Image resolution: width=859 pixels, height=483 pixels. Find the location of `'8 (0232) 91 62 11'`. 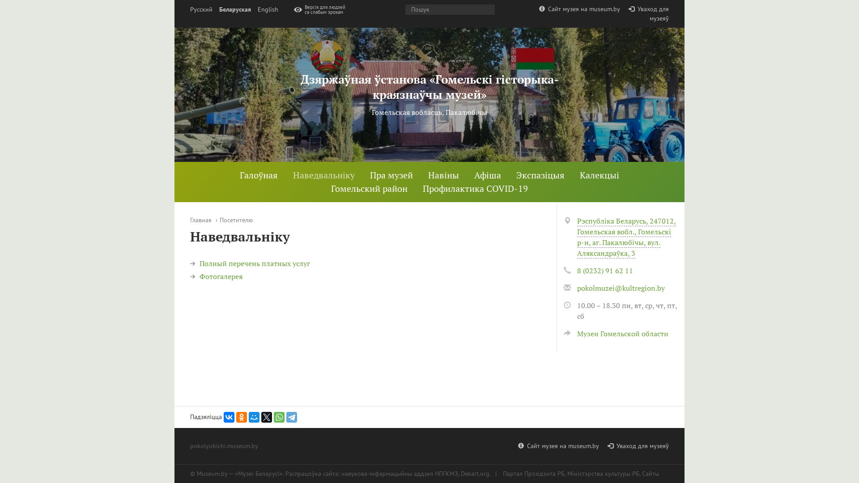

'8 (0232) 91 62 11' is located at coordinates (605, 270).